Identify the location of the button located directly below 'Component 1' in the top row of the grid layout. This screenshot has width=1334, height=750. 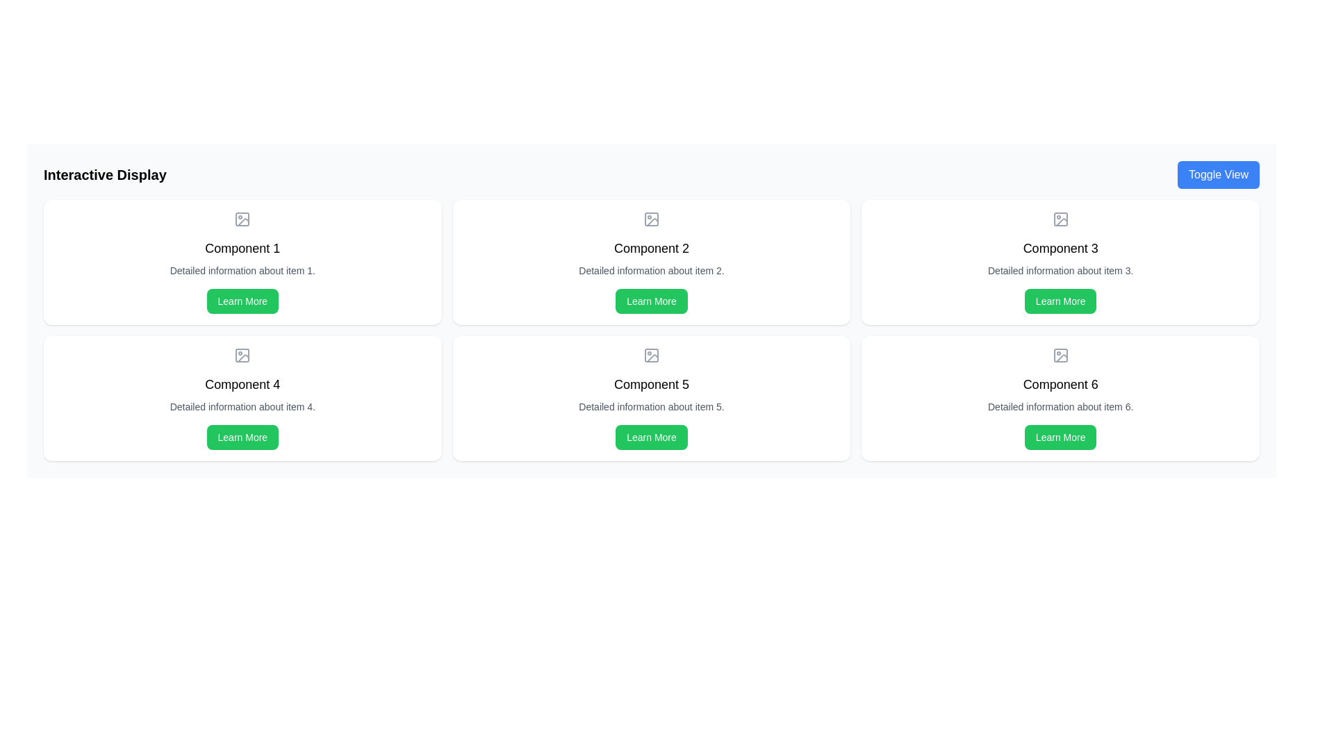
(242, 301).